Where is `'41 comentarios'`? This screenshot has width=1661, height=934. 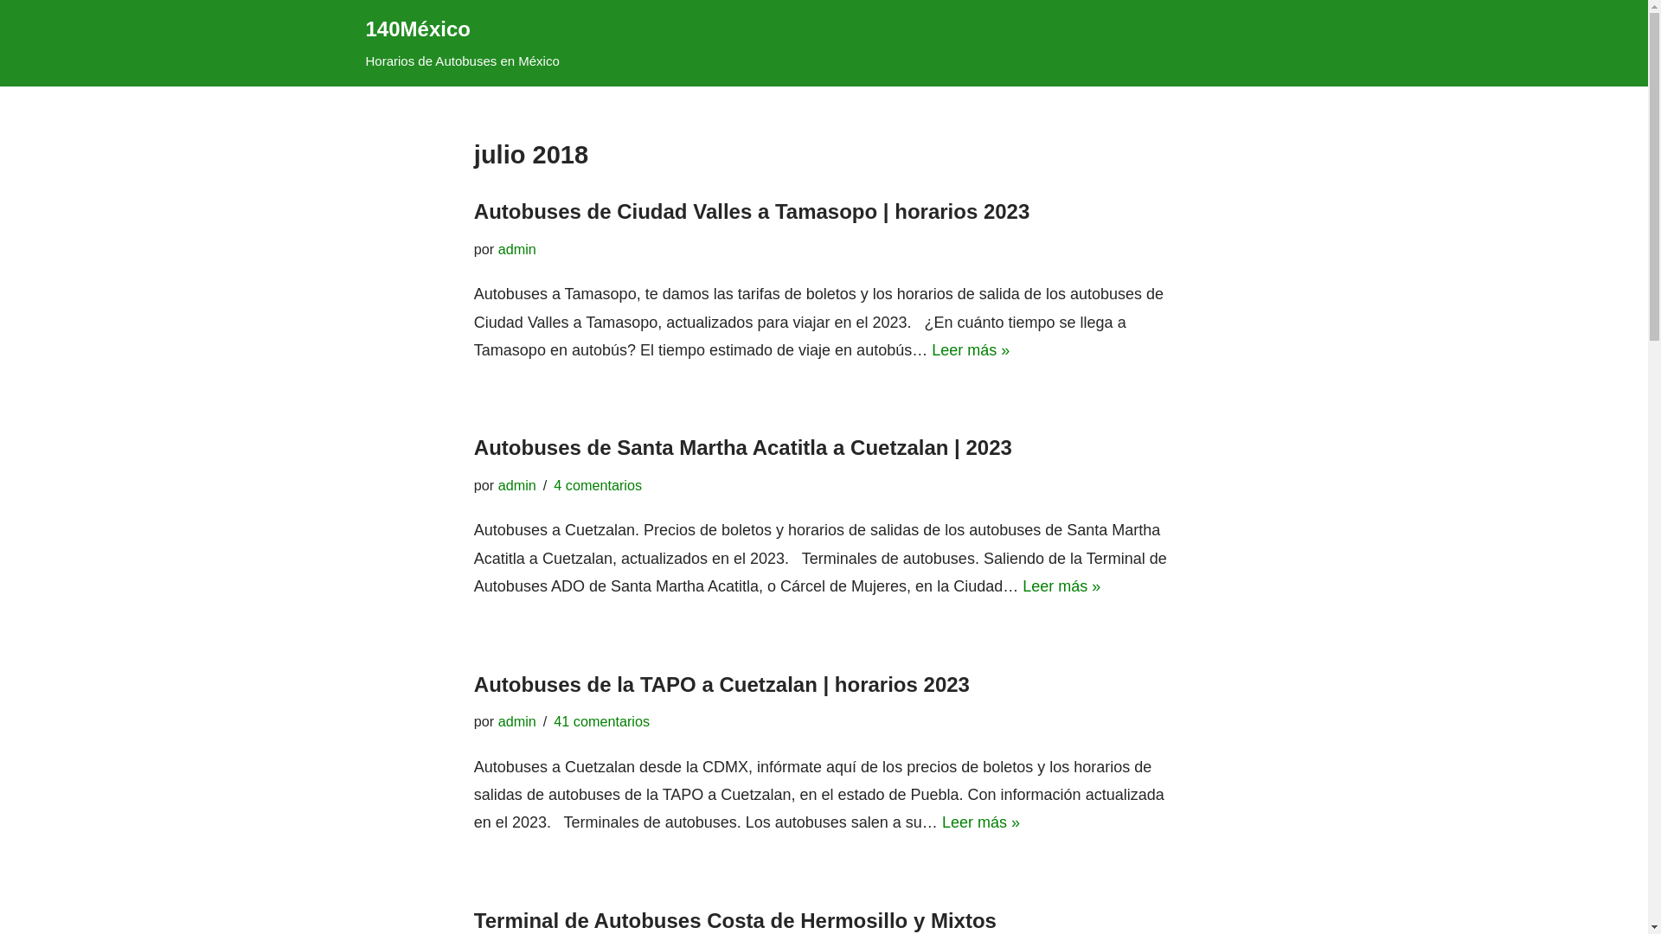
'41 comentarios' is located at coordinates (552, 720).